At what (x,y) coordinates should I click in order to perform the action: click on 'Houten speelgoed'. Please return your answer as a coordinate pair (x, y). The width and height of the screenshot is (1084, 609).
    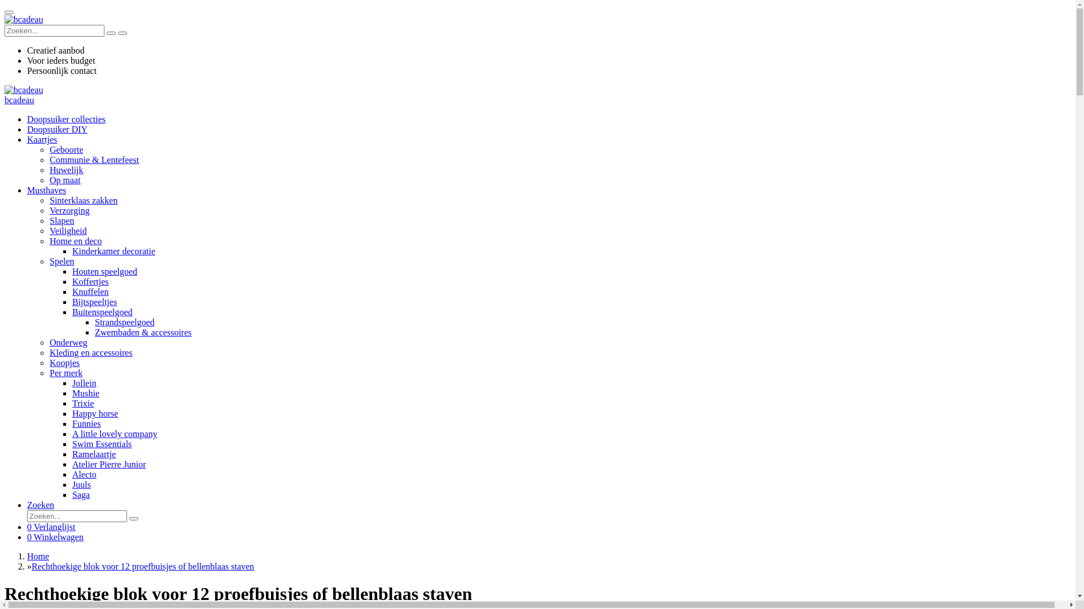
    Looking at the image, I should click on (72, 271).